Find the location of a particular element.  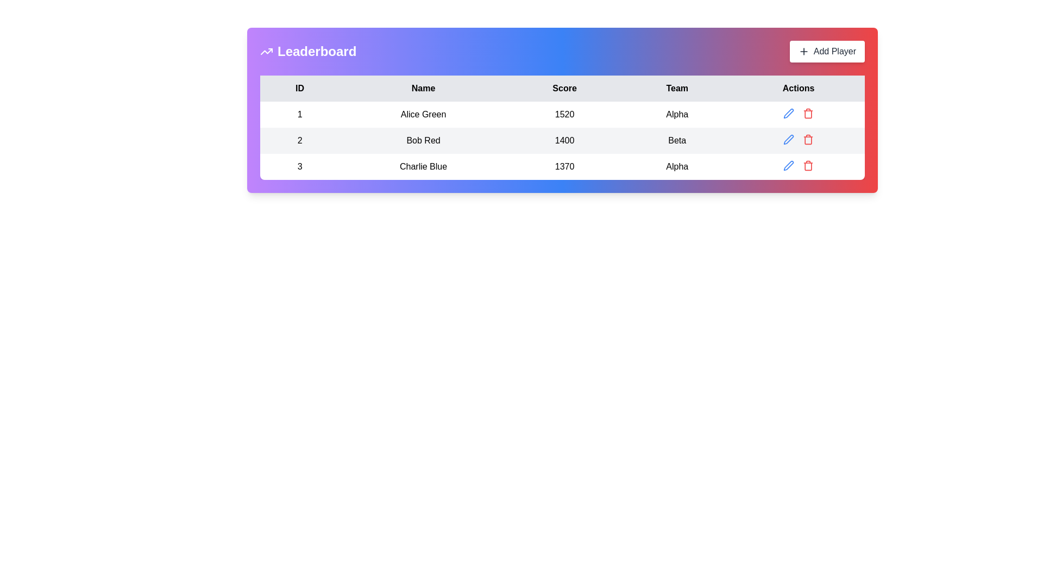

the static text displaying '1520' in the 'Score' column for the row labeled 'Alice Green' within the table is located at coordinates (564, 115).